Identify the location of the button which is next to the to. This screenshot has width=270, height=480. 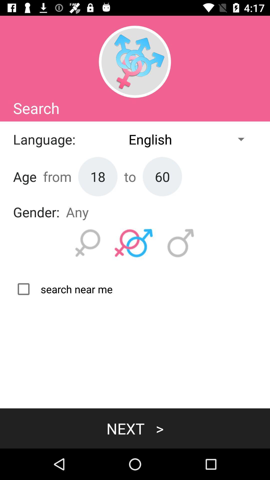
(162, 176).